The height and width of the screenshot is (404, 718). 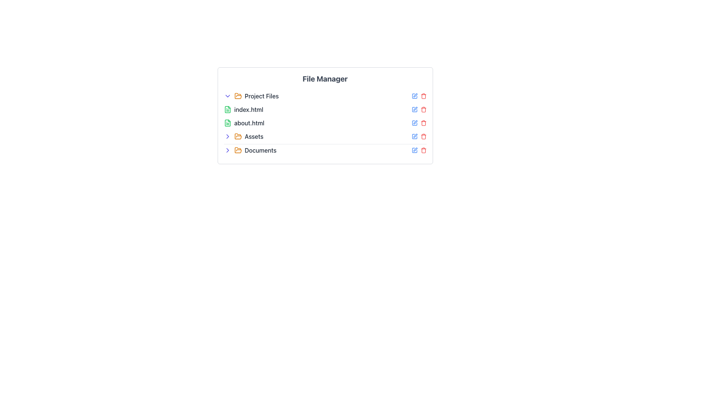 I want to click on the 'Project Files' label, which is styled in medium font weight and gray color, so click(x=261, y=96).